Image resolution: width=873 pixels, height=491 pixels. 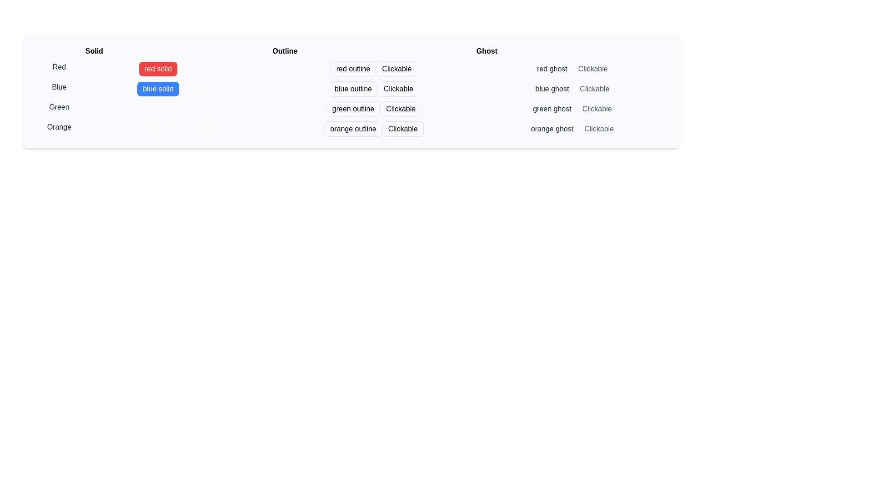 I want to click on the combined text-based label component featuring 'red ghost' and 'Clickable', so click(x=572, y=66).